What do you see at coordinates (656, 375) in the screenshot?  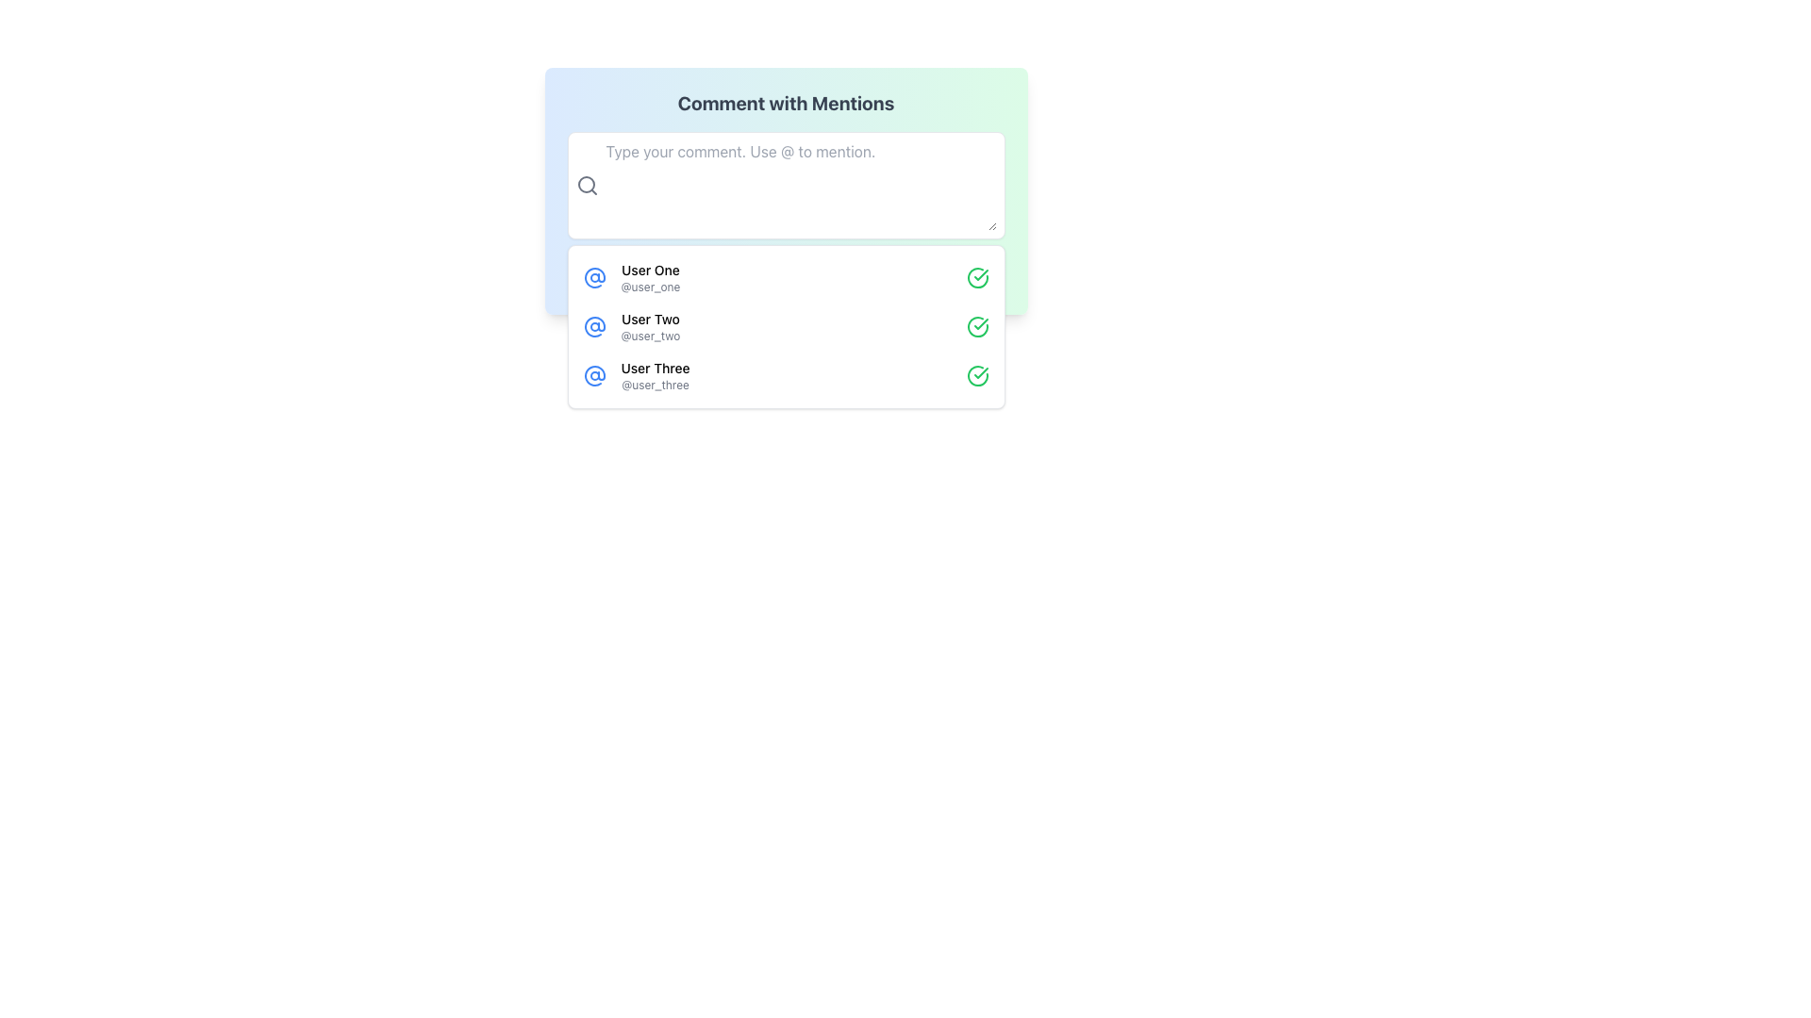 I see `to select the user mention option '@user_three' from the user mention suggestion display, which is the third entry in the list` at bounding box center [656, 375].